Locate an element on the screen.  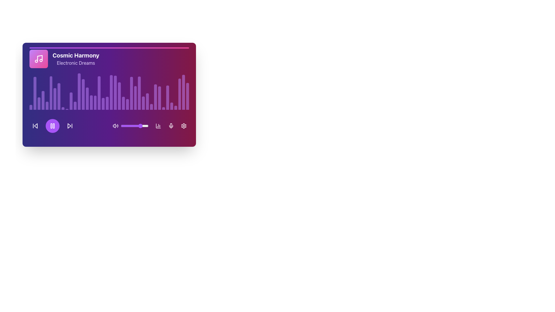
the value of the slider is located at coordinates (140, 125).